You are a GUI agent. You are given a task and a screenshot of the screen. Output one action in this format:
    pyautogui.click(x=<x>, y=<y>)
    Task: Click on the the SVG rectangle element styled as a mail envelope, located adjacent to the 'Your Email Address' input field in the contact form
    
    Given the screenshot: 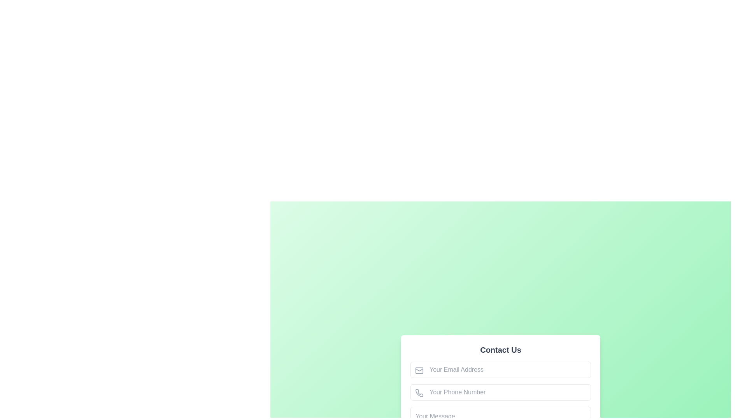 What is the action you would take?
    pyautogui.click(x=419, y=370)
    